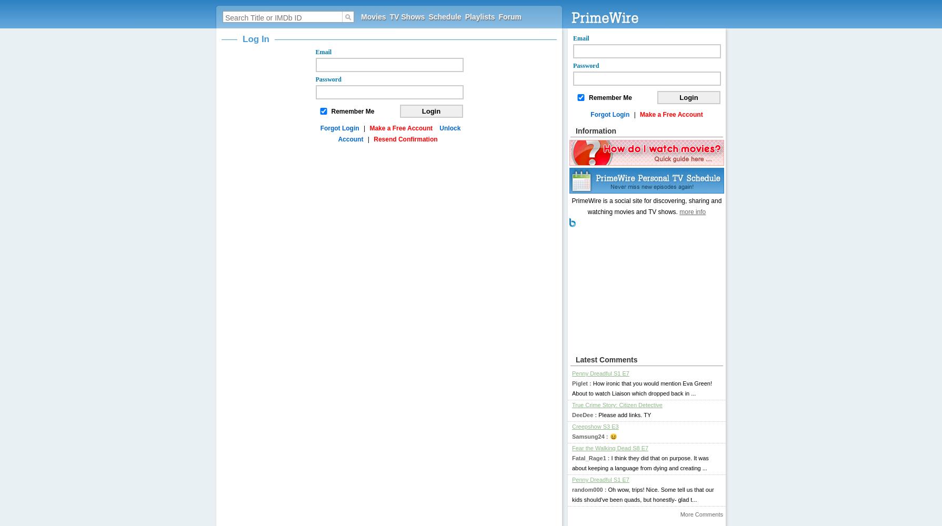  Describe the element at coordinates (643, 494) in the screenshot. I see `'Oh wow, trips! Nice. Some tell us that our kids should've been quads, but honestly- glad t...'` at that location.